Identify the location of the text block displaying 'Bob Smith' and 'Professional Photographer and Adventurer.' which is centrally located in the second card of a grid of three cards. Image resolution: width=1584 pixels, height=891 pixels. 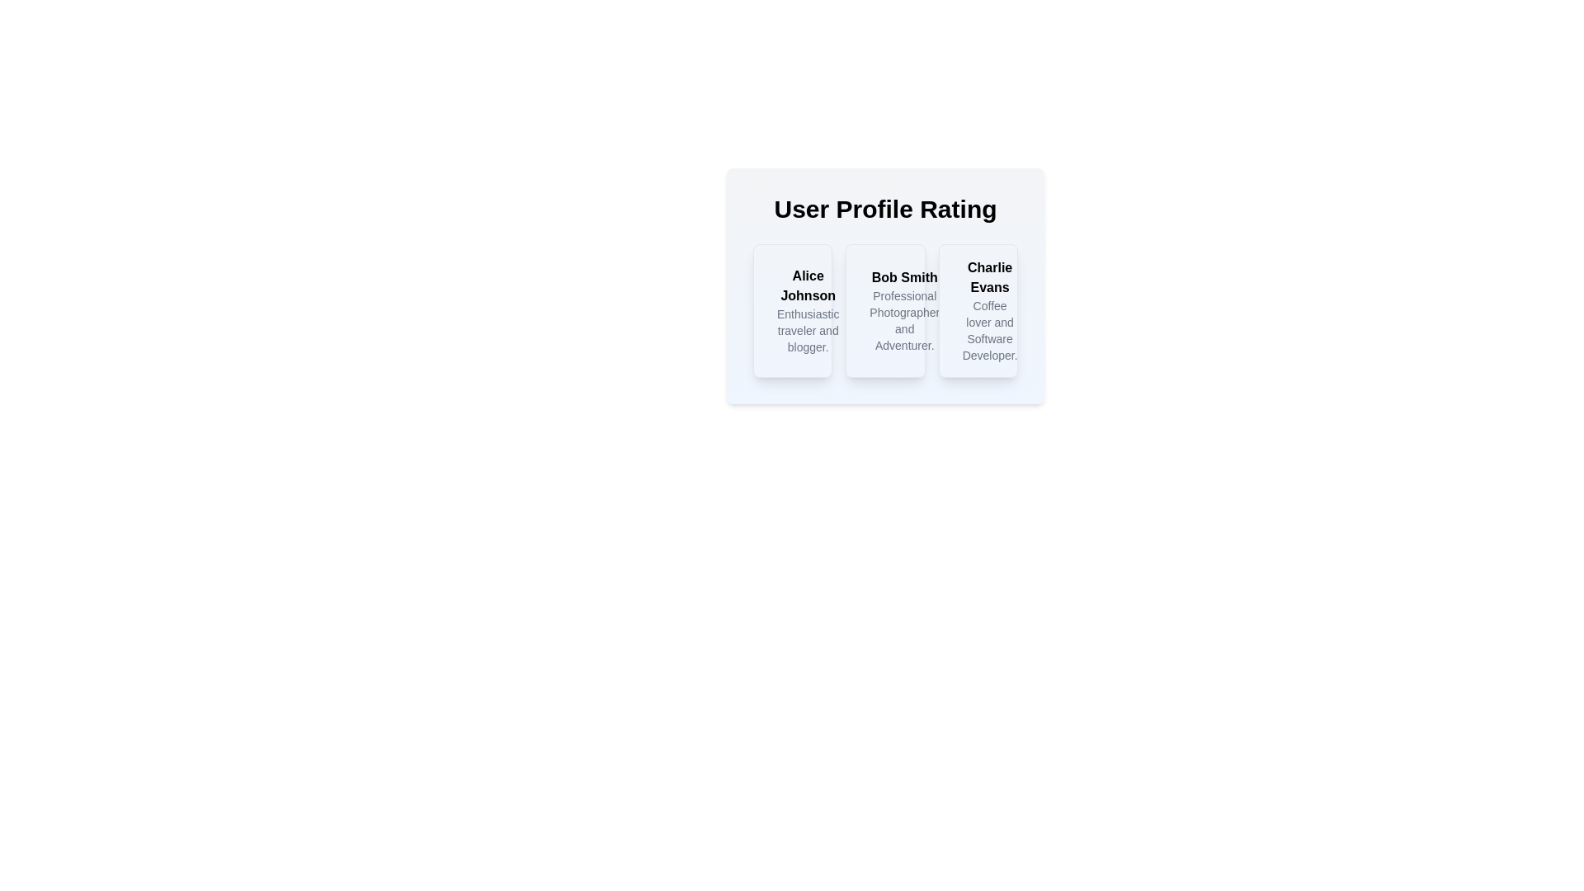
(884, 311).